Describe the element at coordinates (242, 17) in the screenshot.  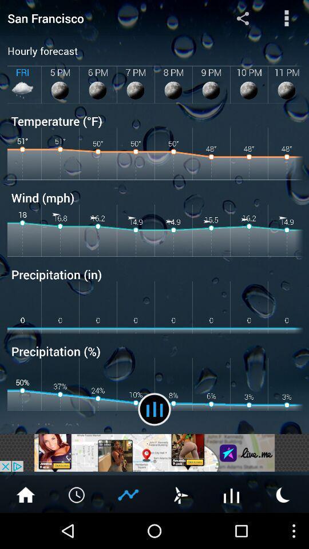
I see `the icon above the hourly forecast` at that location.